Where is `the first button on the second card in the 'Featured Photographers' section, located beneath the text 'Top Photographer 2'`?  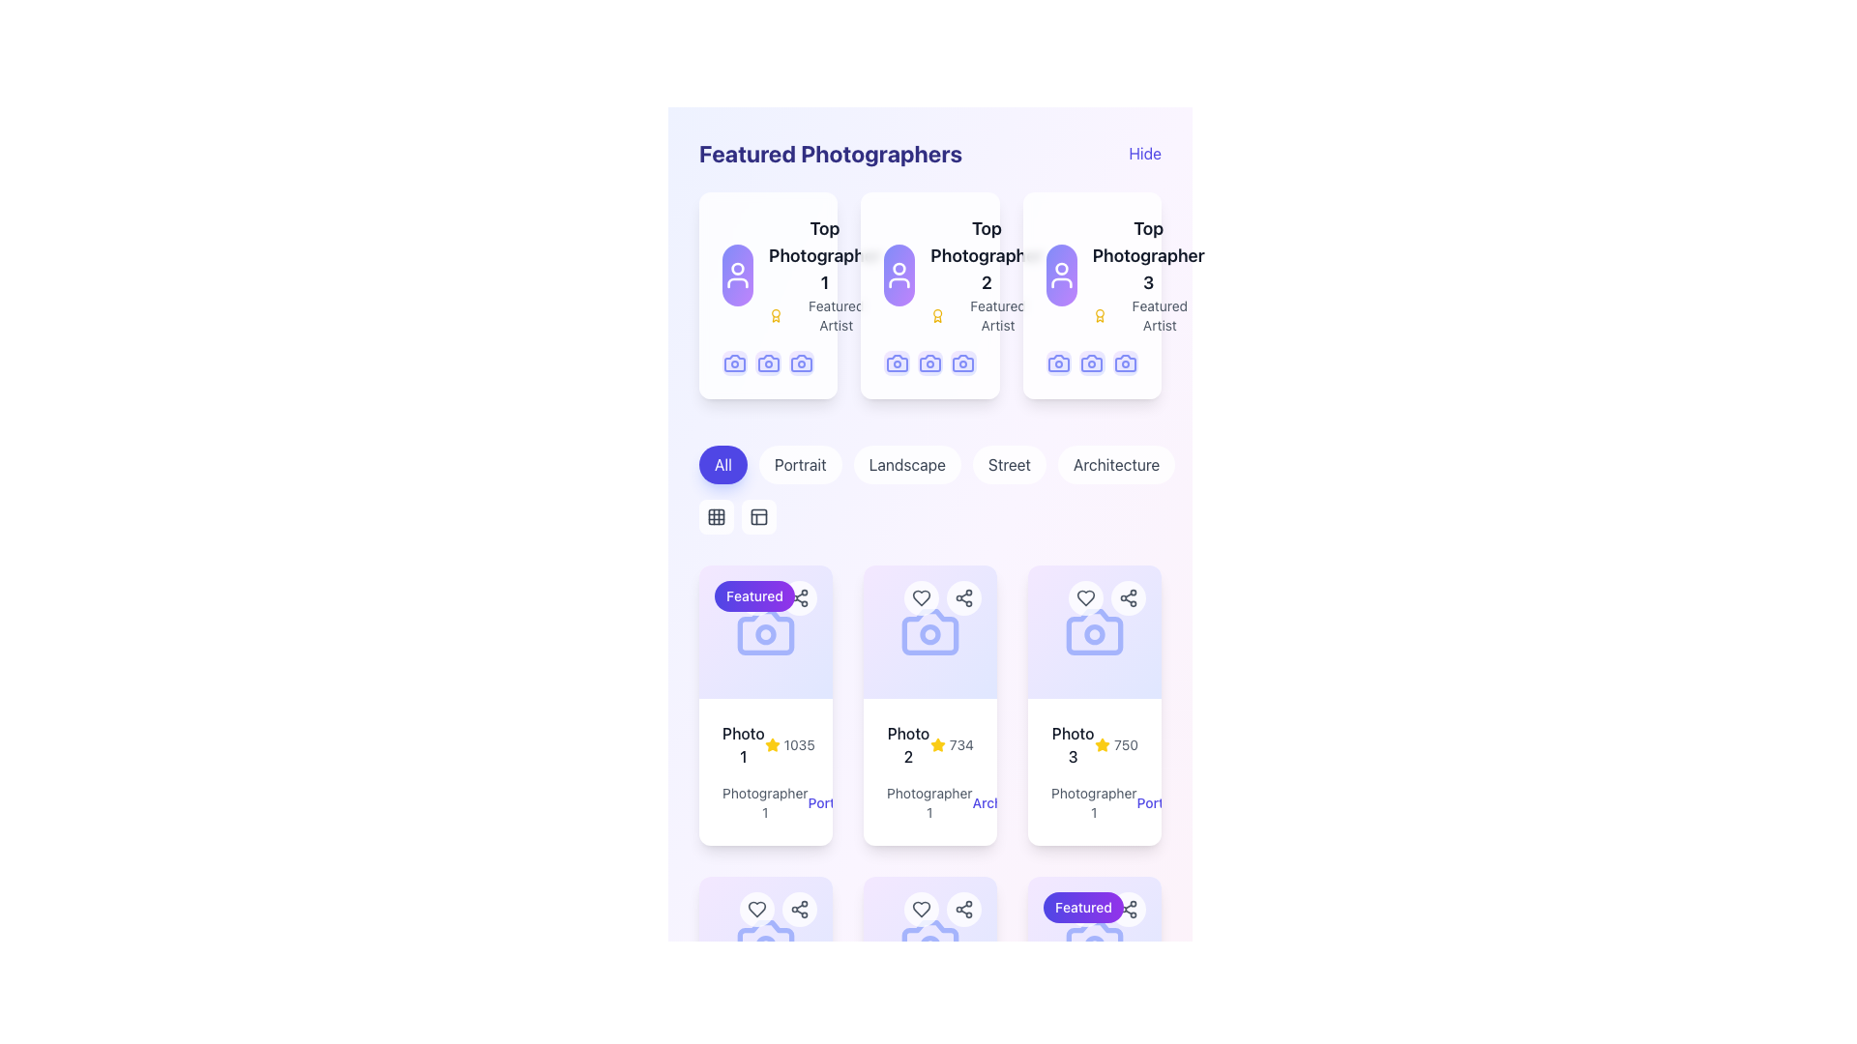 the first button on the second card in the 'Featured Photographers' section, located beneath the text 'Top Photographer 2' is located at coordinates (896, 363).